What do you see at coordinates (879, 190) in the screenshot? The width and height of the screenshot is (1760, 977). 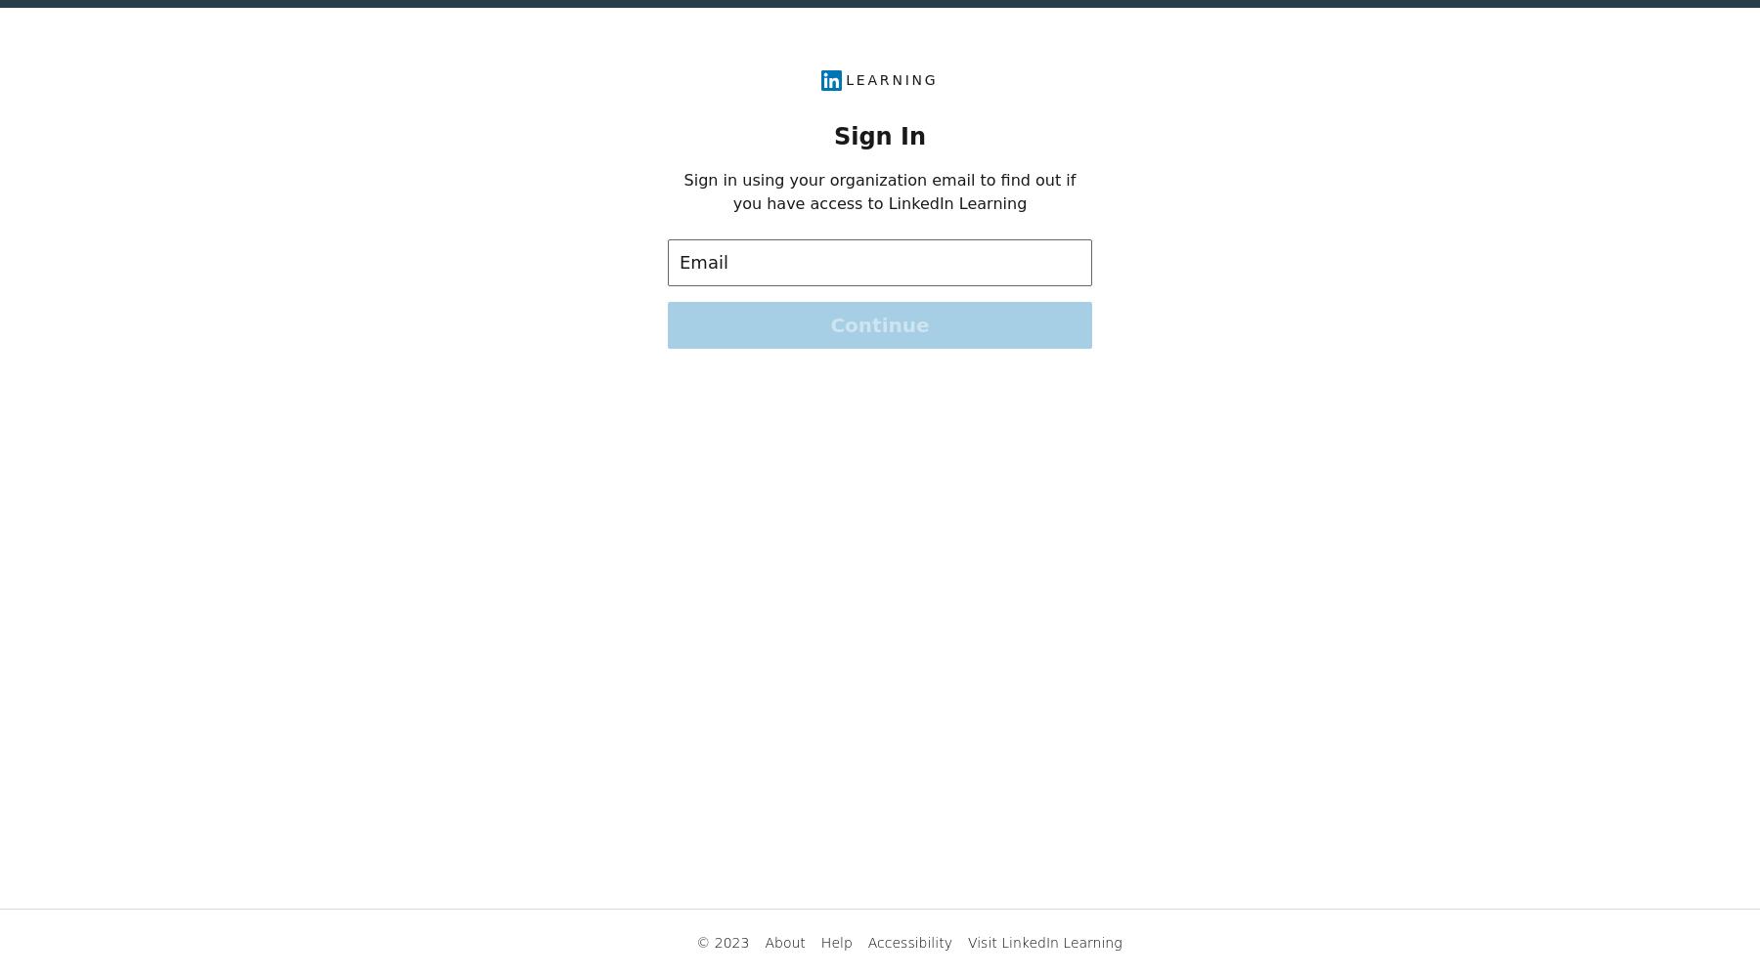 I see `'Sign in using your organization email to find out if you have access to
      LinkedIn Learning'` at bounding box center [879, 190].